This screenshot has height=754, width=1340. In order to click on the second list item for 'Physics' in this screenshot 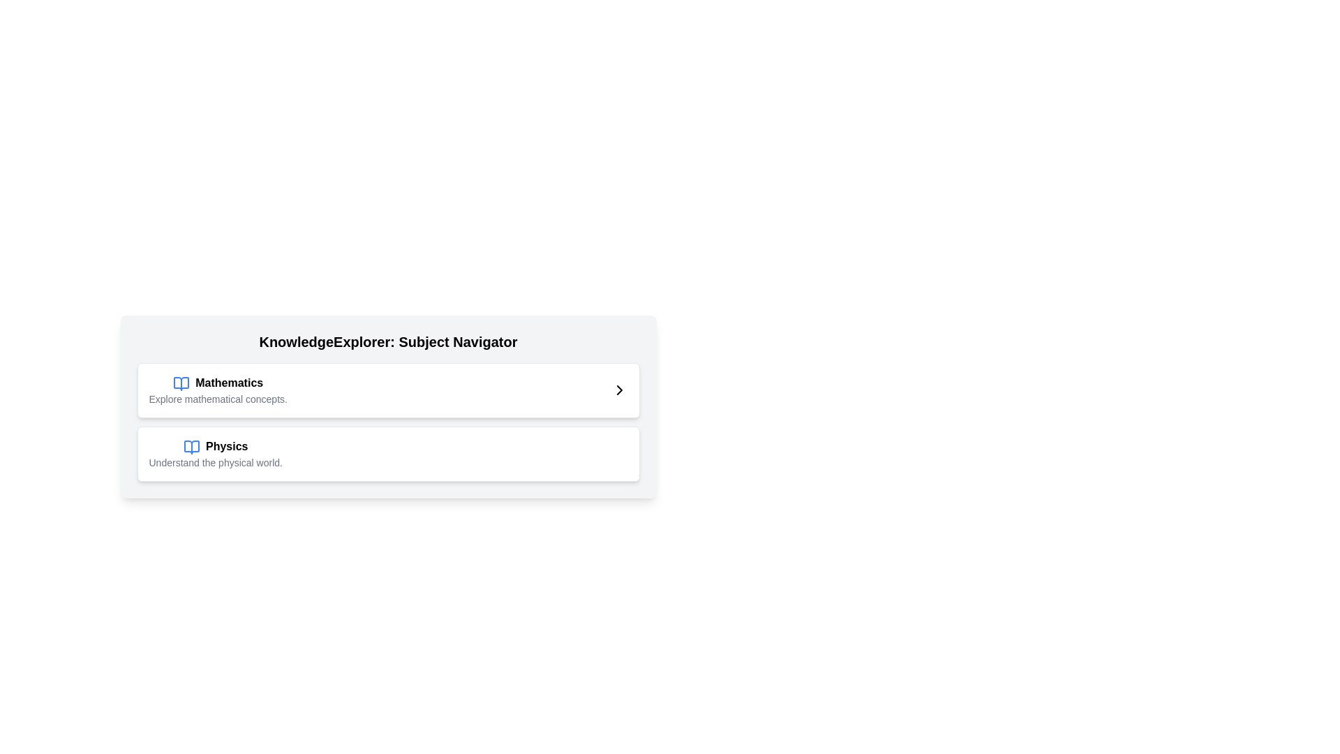, I will do `click(215, 454)`.